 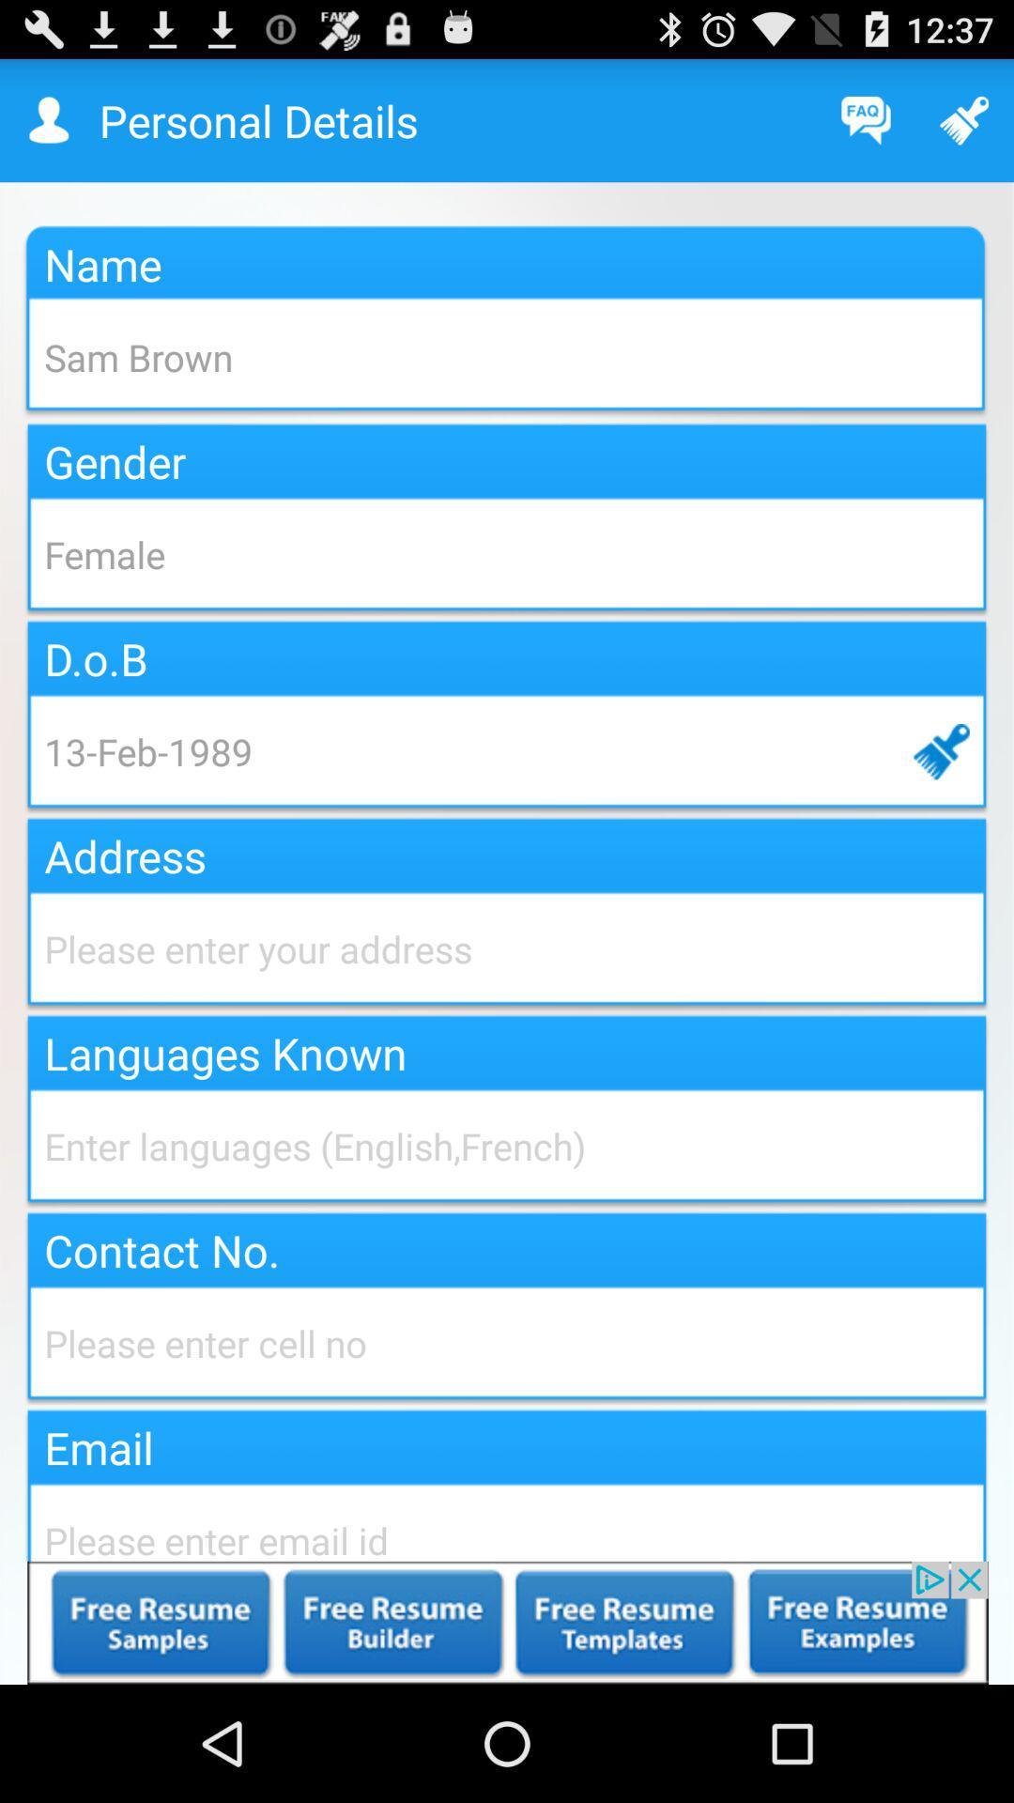 I want to click on faq, so click(x=866, y=119).